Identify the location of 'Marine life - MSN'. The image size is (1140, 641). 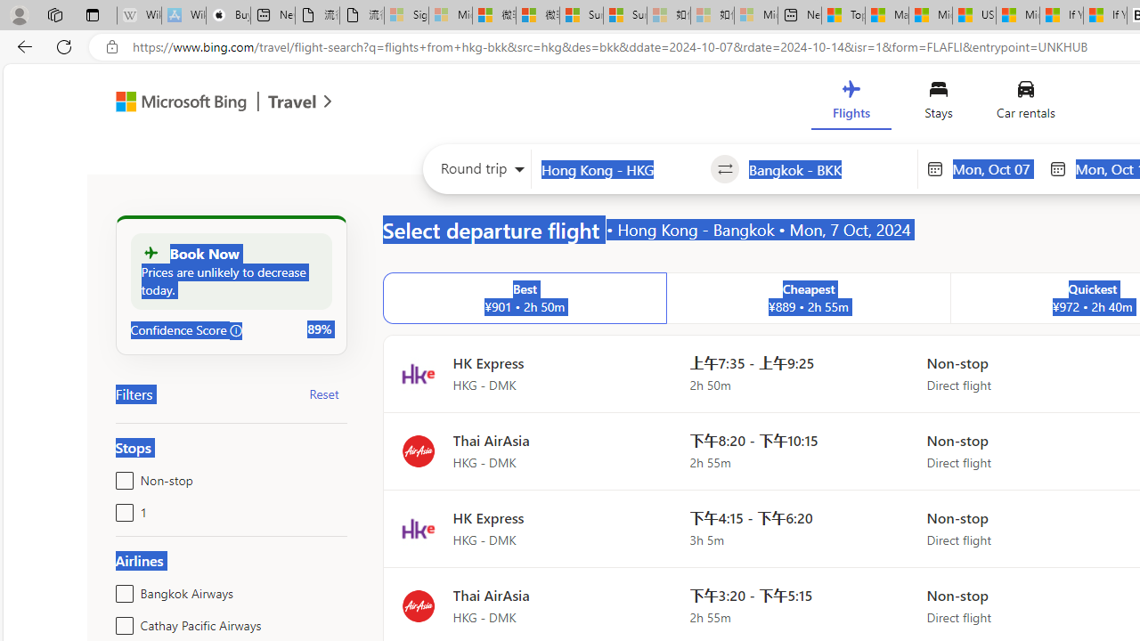
(886, 15).